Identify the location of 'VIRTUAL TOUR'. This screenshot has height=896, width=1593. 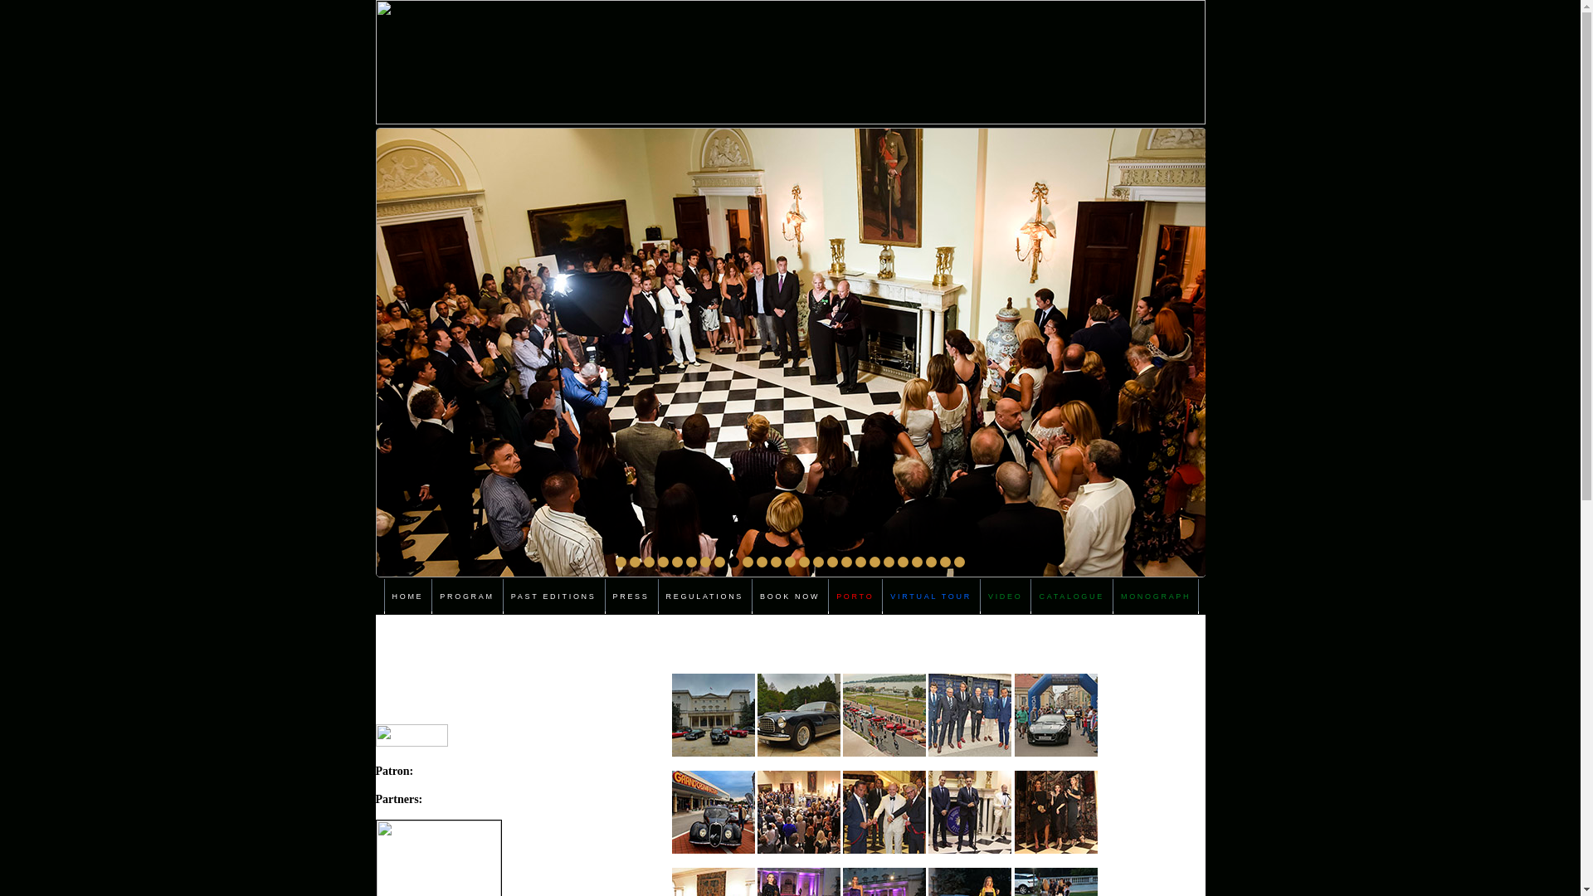
(931, 595).